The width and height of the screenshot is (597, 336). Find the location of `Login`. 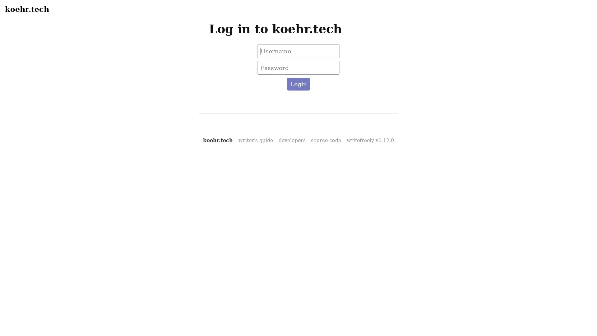

Login is located at coordinates (298, 84).